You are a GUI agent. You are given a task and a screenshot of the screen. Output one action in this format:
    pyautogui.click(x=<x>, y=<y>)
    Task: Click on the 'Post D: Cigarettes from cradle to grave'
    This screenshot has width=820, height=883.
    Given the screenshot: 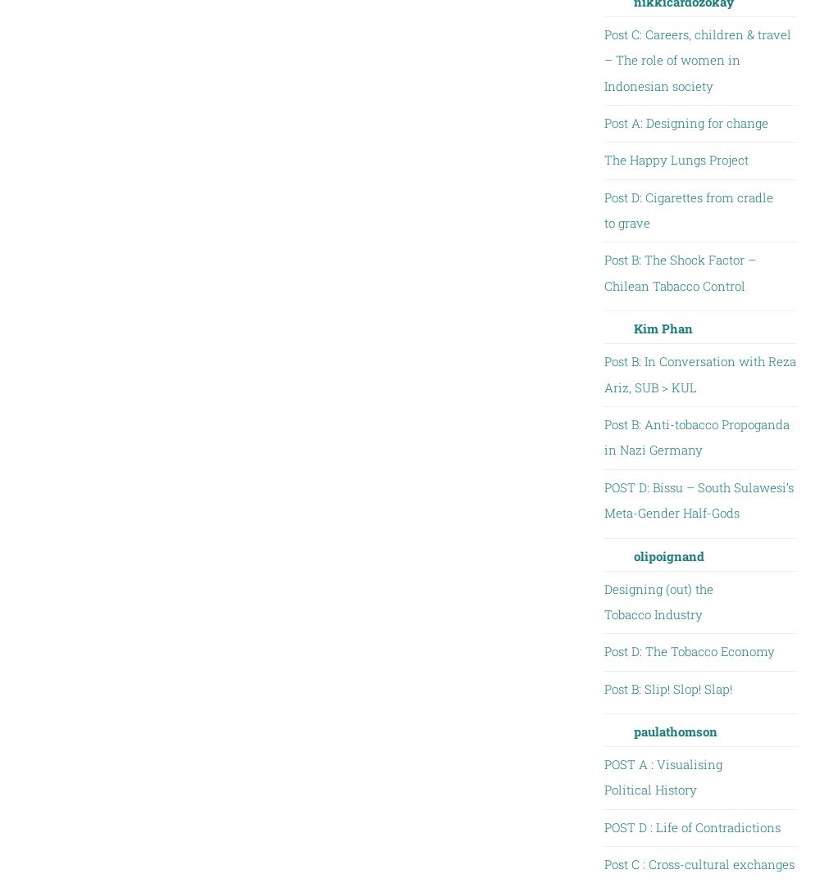 What is the action you would take?
    pyautogui.click(x=687, y=209)
    